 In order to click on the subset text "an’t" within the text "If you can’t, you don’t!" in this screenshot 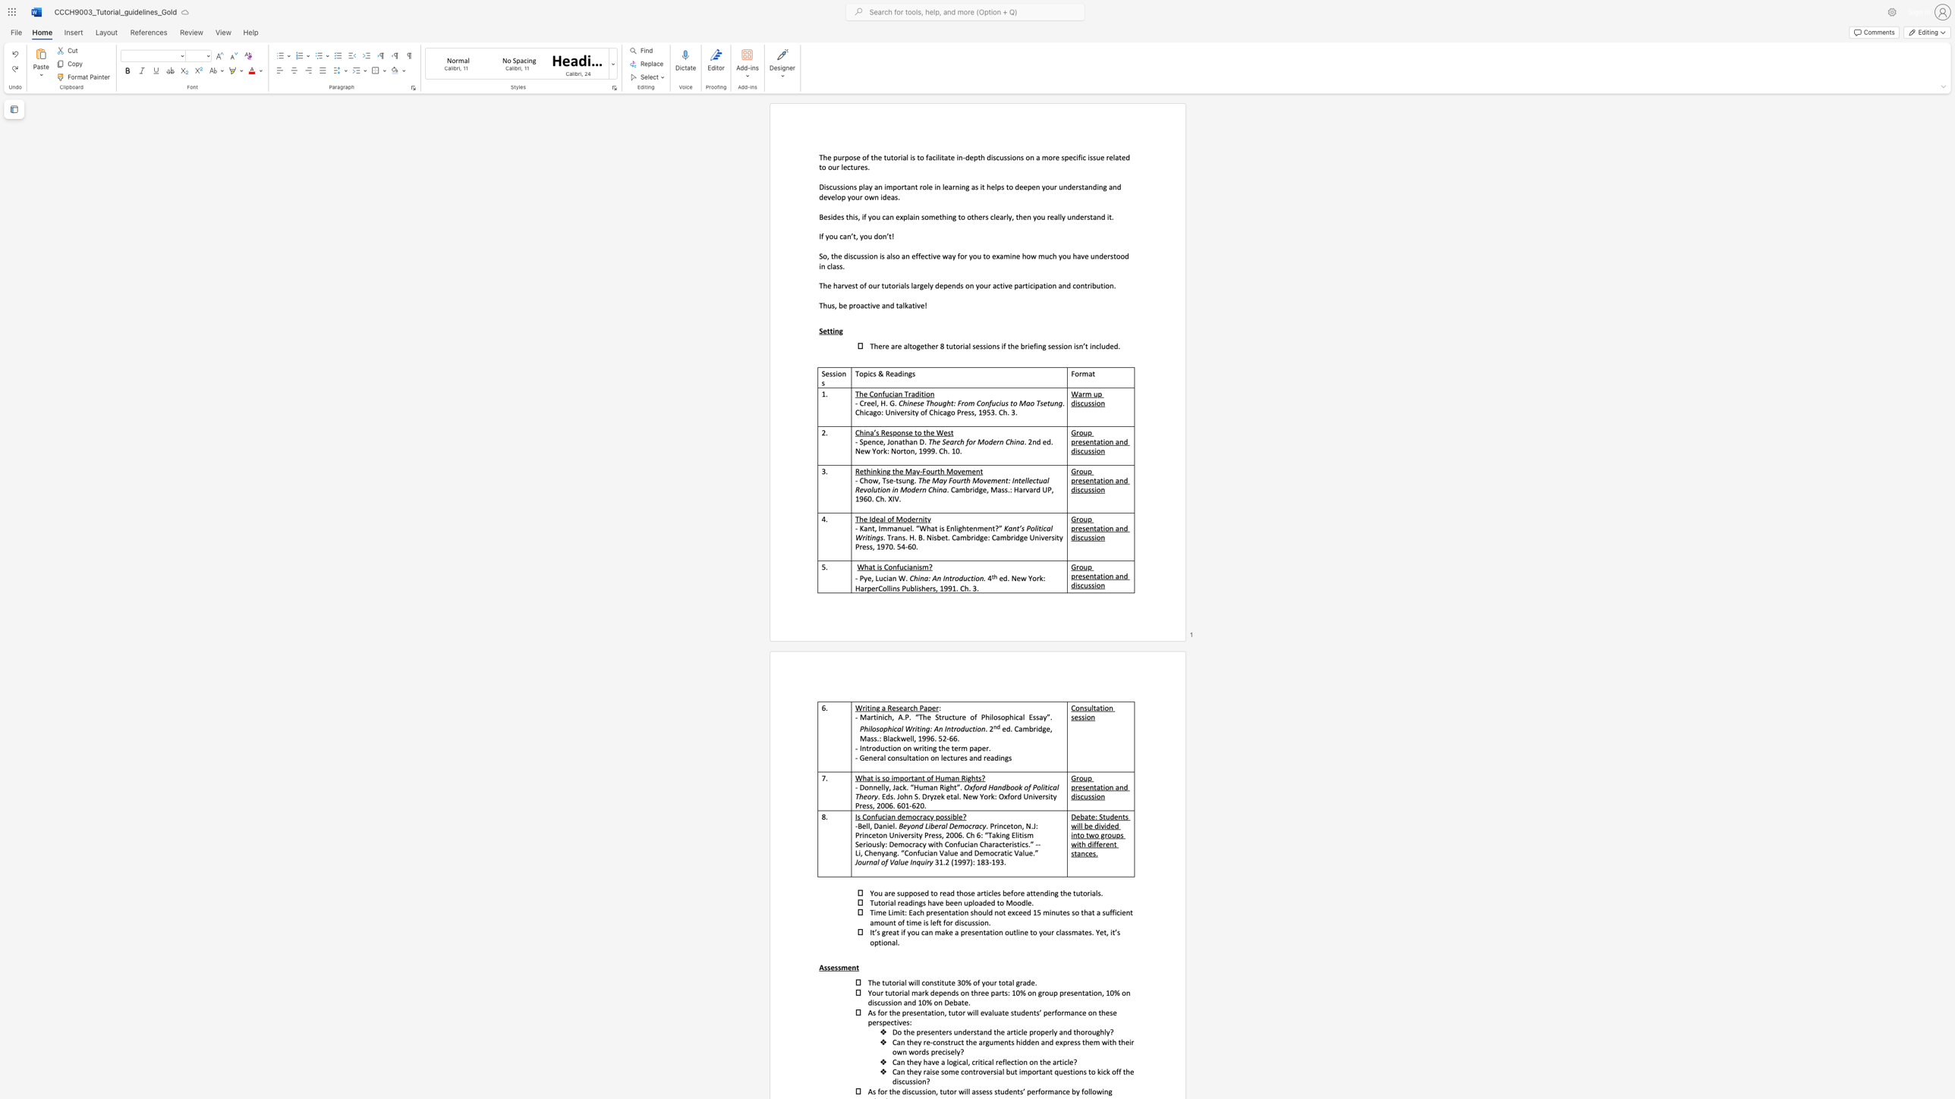, I will do `click(843, 236)`.